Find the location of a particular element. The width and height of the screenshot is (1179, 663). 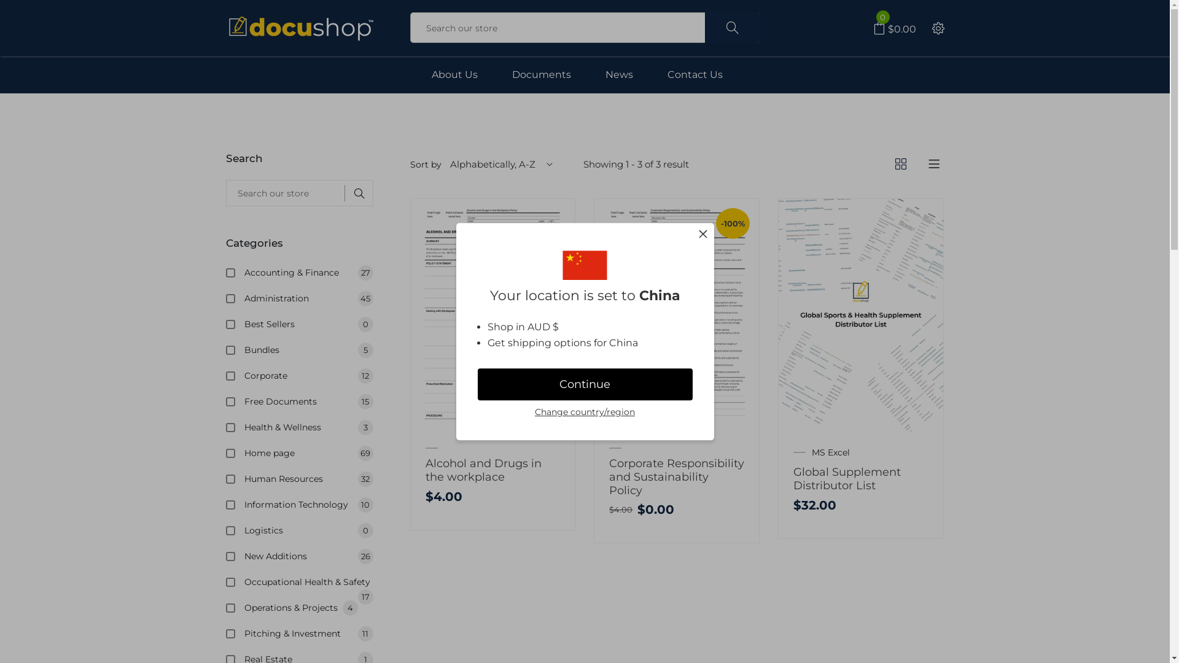

'Pitching & Investment is located at coordinates (309, 634).